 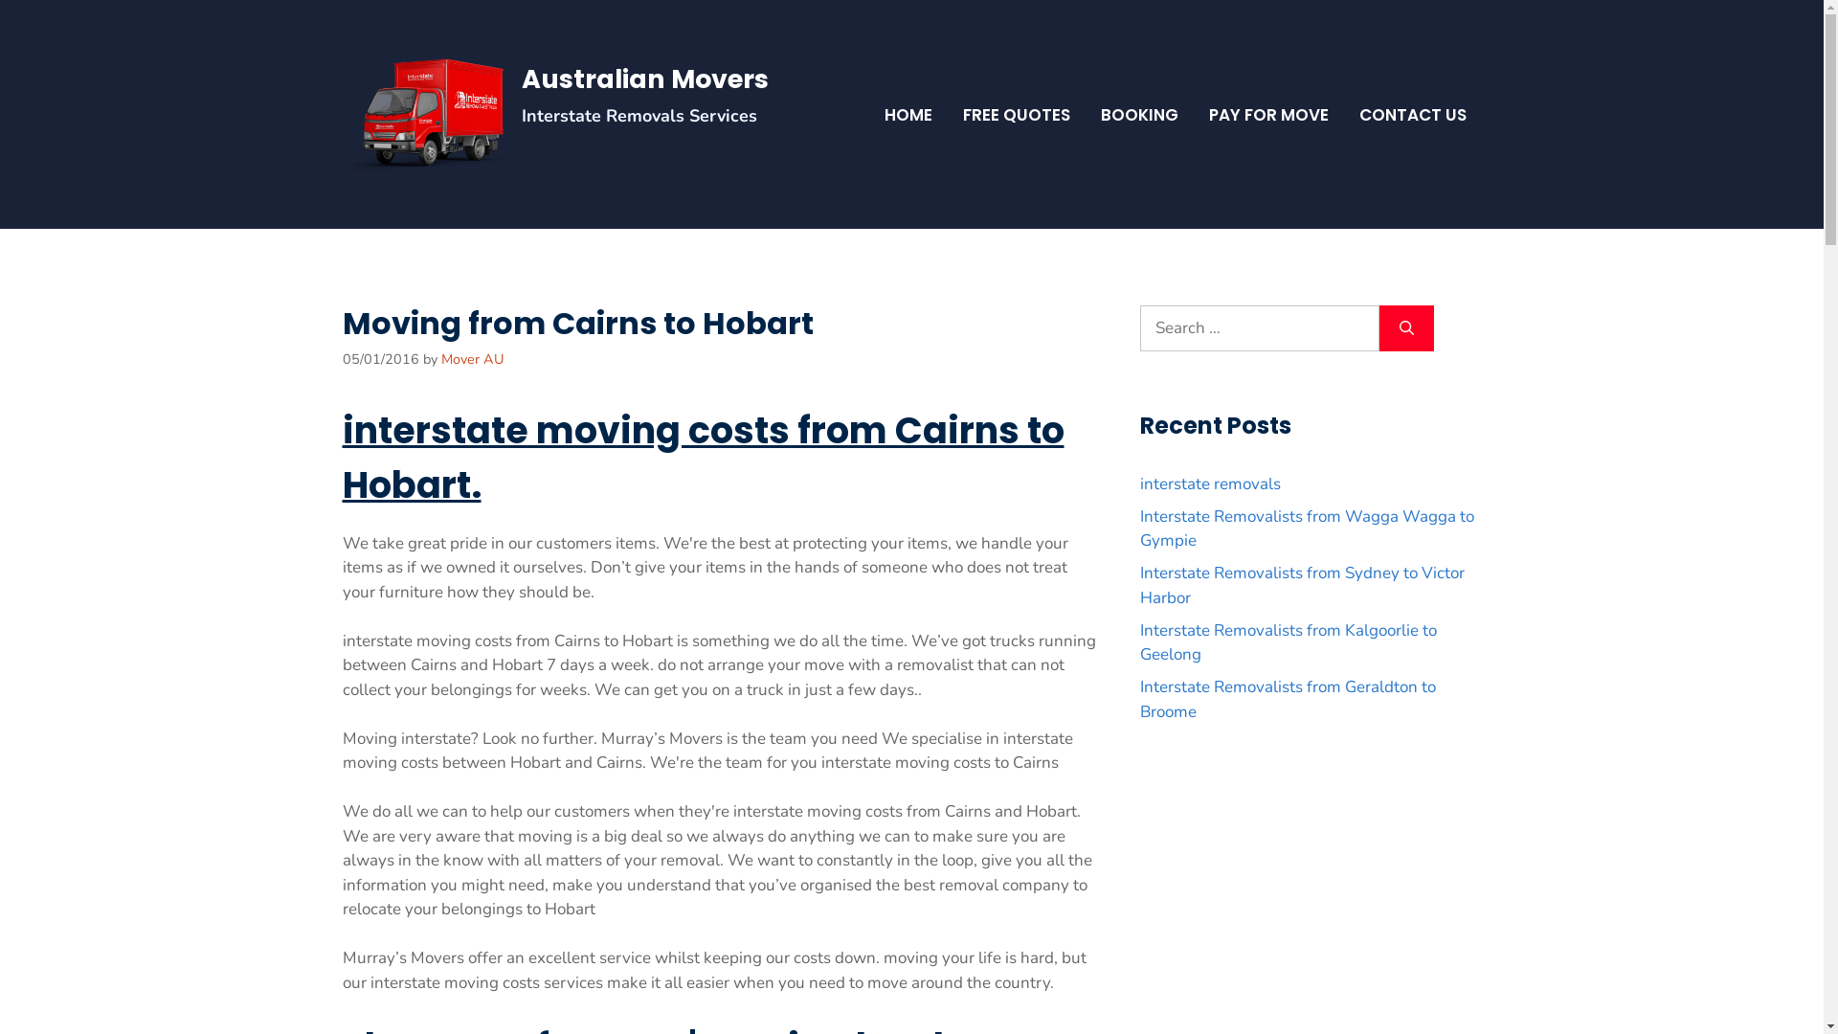 I want to click on 'Search for:', so click(x=1139, y=327).